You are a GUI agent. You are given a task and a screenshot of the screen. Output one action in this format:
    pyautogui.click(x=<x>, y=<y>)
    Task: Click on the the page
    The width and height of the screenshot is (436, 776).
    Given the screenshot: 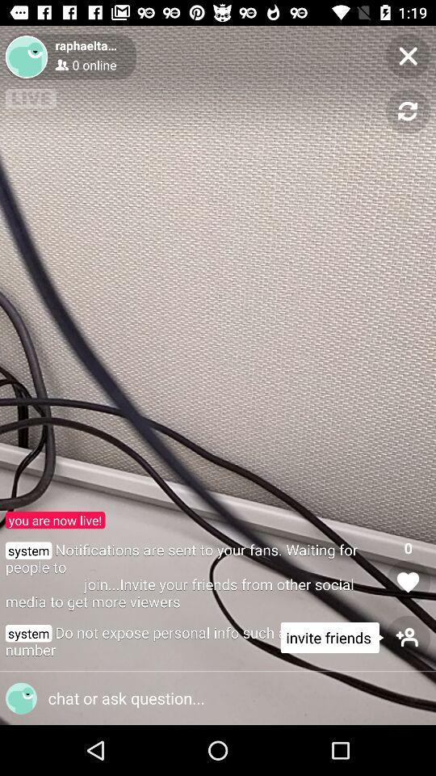 What is the action you would take?
    pyautogui.click(x=407, y=56)
    